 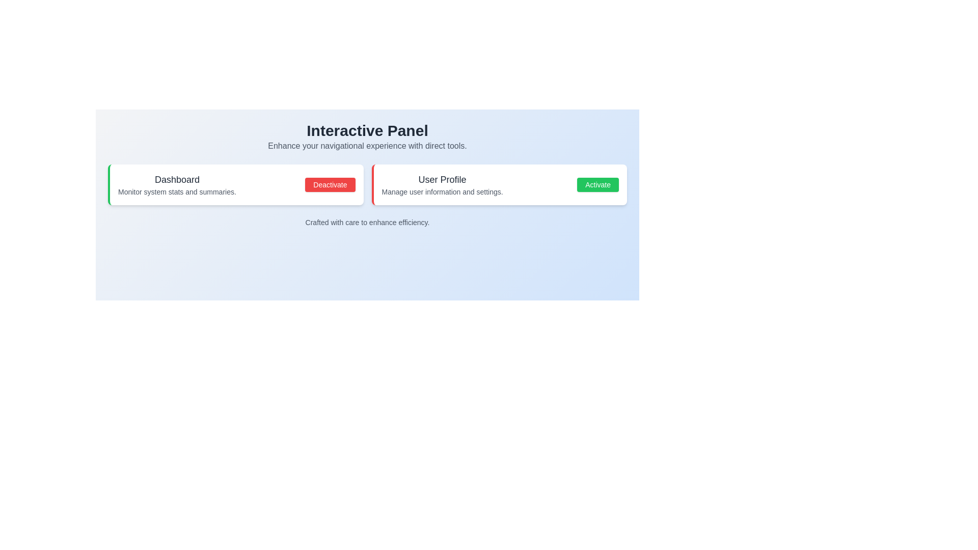 What do you see at coordinates (367, 136) in the screenshot?
I see `text from the composite text component located at the top of the main content area, which serves as a title and descriptive area for the interface` at bounding box center [367, 136].